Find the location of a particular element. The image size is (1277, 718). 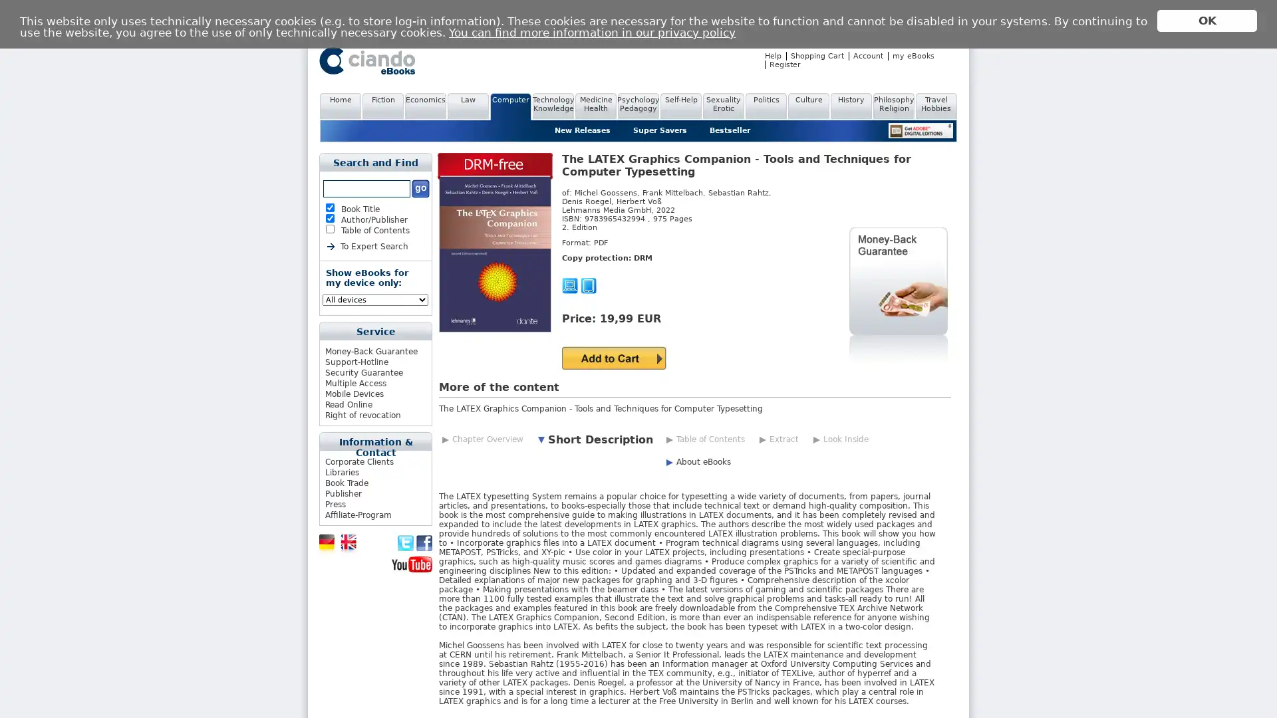

Submit is located at coordinates (613, 357).